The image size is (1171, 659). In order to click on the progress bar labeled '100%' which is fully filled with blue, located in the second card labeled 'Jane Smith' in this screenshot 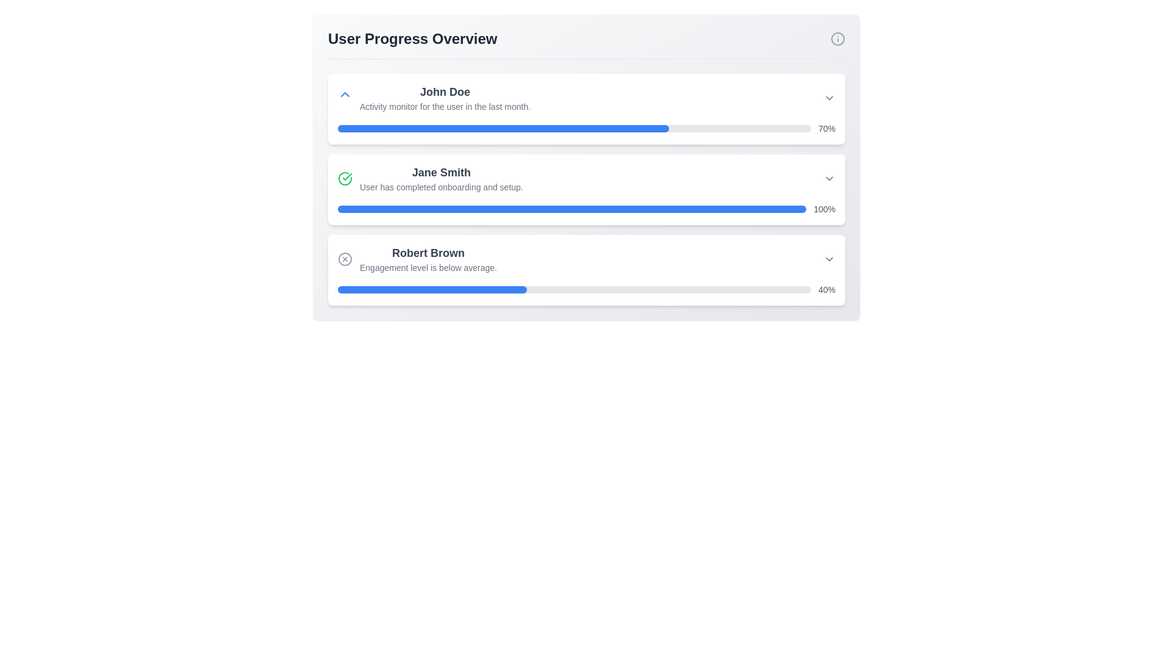, I will do `click(586, 209)`.